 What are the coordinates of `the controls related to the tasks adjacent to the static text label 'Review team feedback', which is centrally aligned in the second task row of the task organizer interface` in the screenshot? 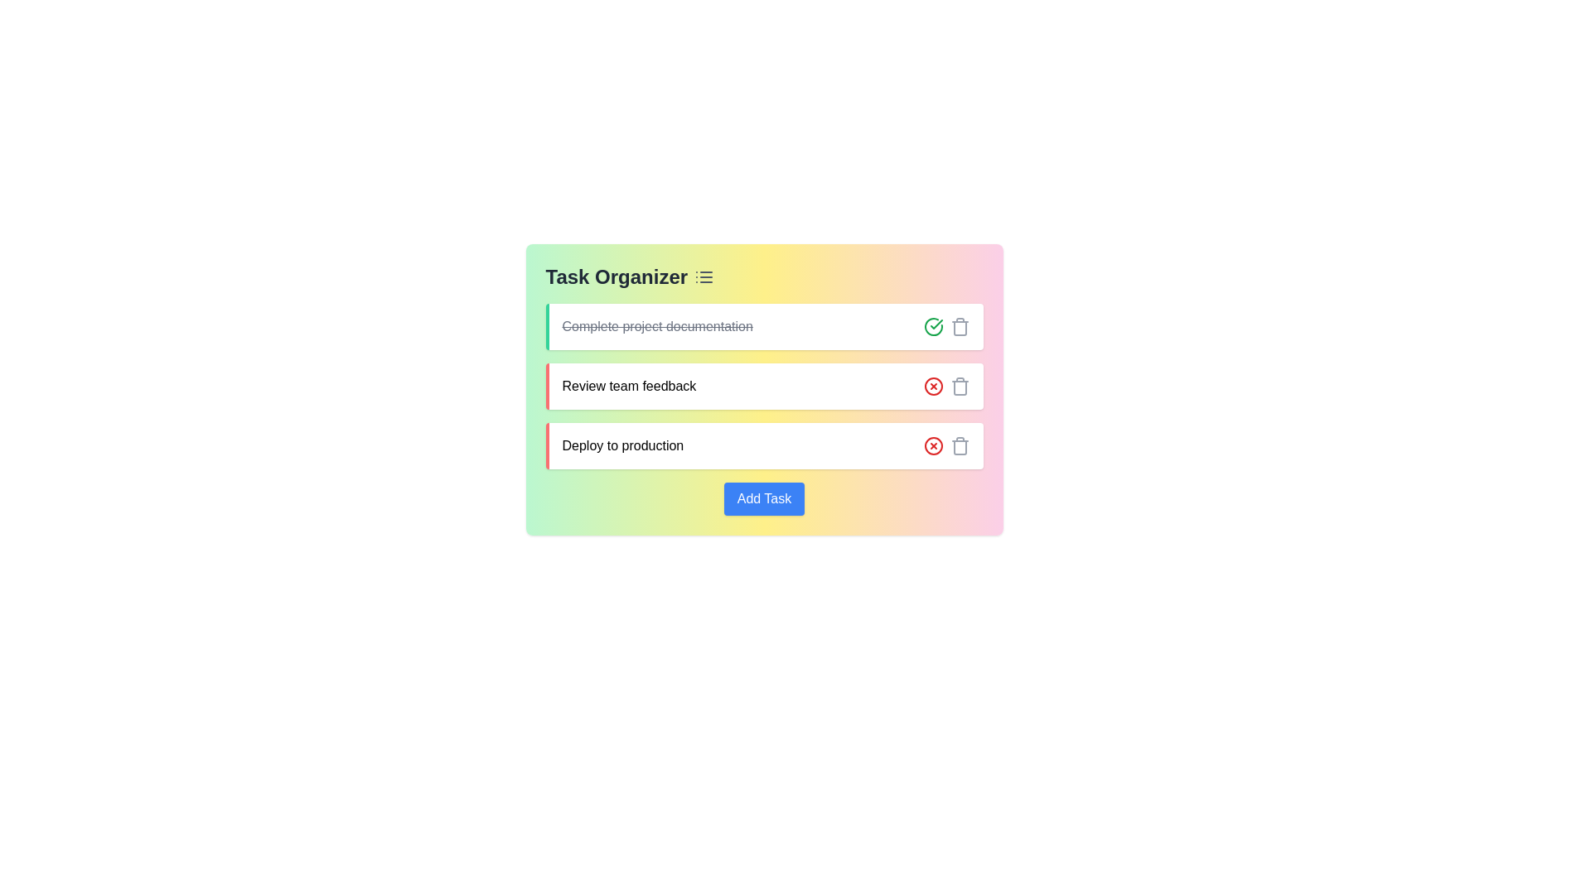 It's located at (628, 386).